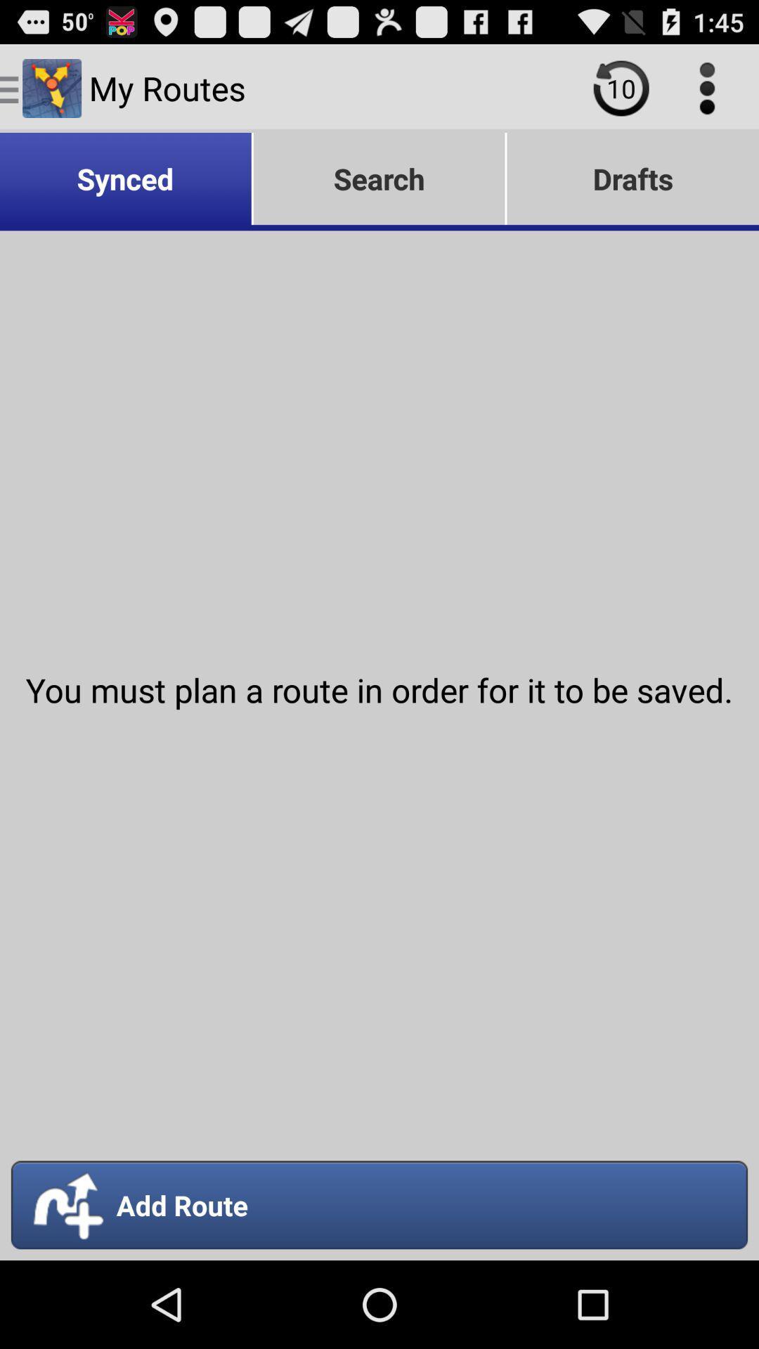 This screenshot has height=1349, width=759. Describe the element at coordinates (621, 87) in the screenshot. I see `the item to the right of the my routes icon` at that location.